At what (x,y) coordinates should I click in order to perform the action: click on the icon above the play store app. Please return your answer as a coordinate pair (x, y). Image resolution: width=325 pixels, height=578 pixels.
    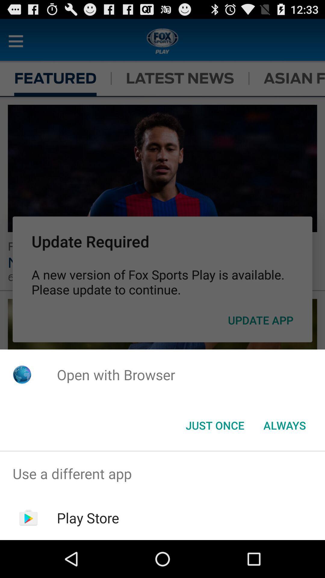
    Looking at the image, I should click on (162, 473).